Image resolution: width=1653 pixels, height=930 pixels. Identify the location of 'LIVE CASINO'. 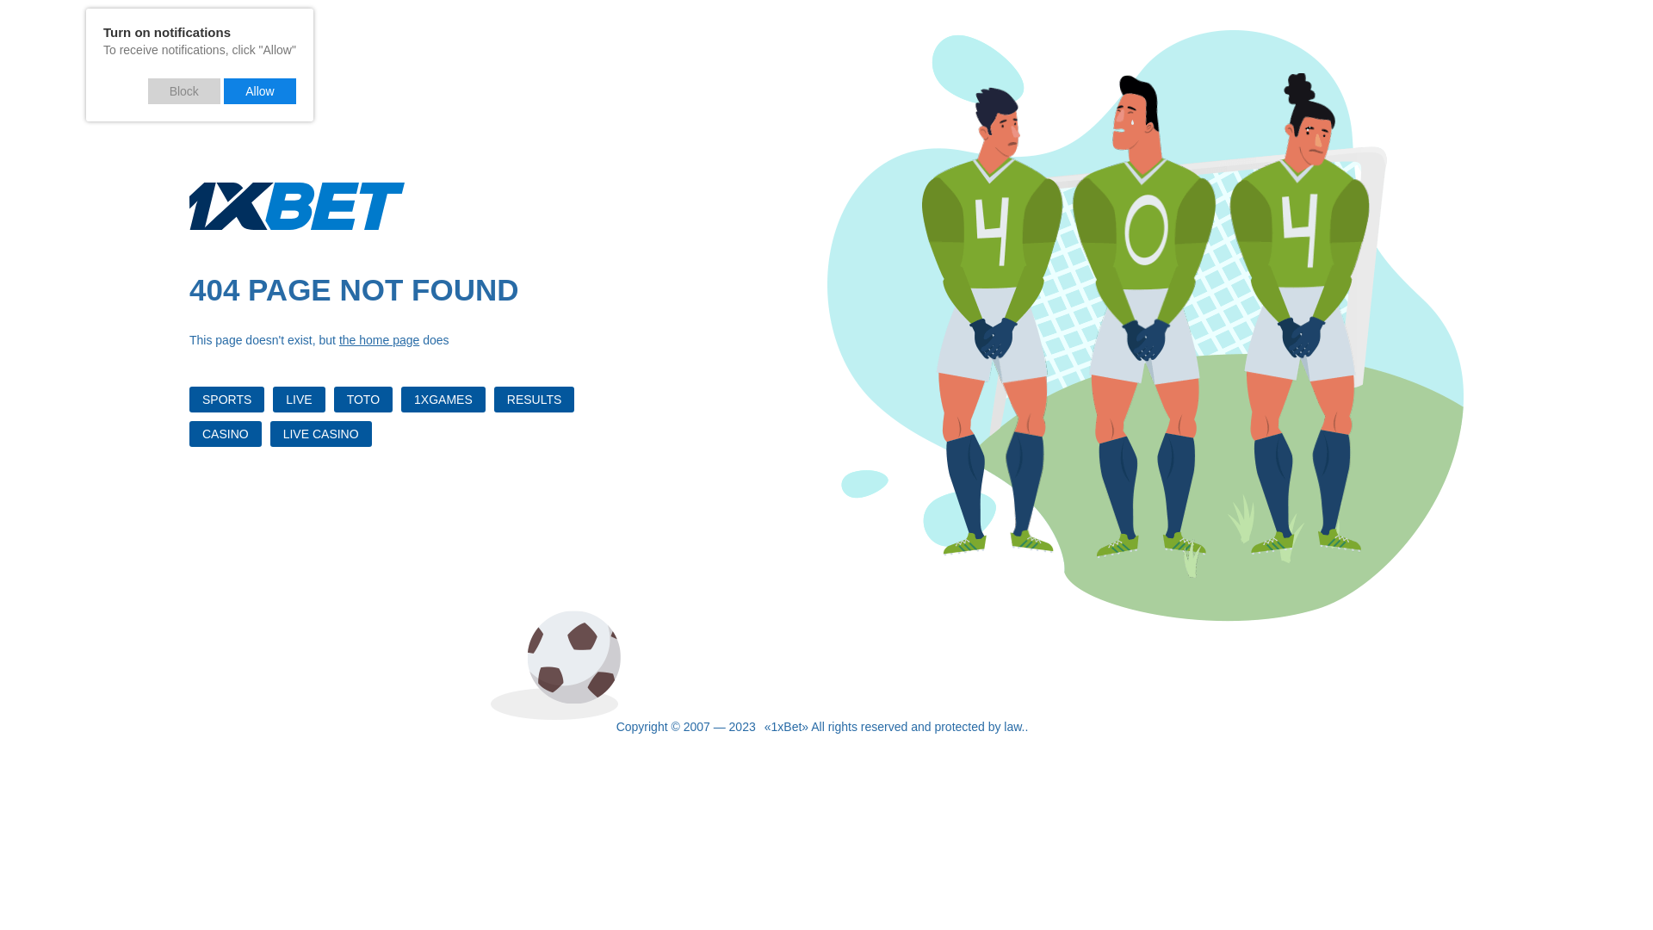
(269, 433).